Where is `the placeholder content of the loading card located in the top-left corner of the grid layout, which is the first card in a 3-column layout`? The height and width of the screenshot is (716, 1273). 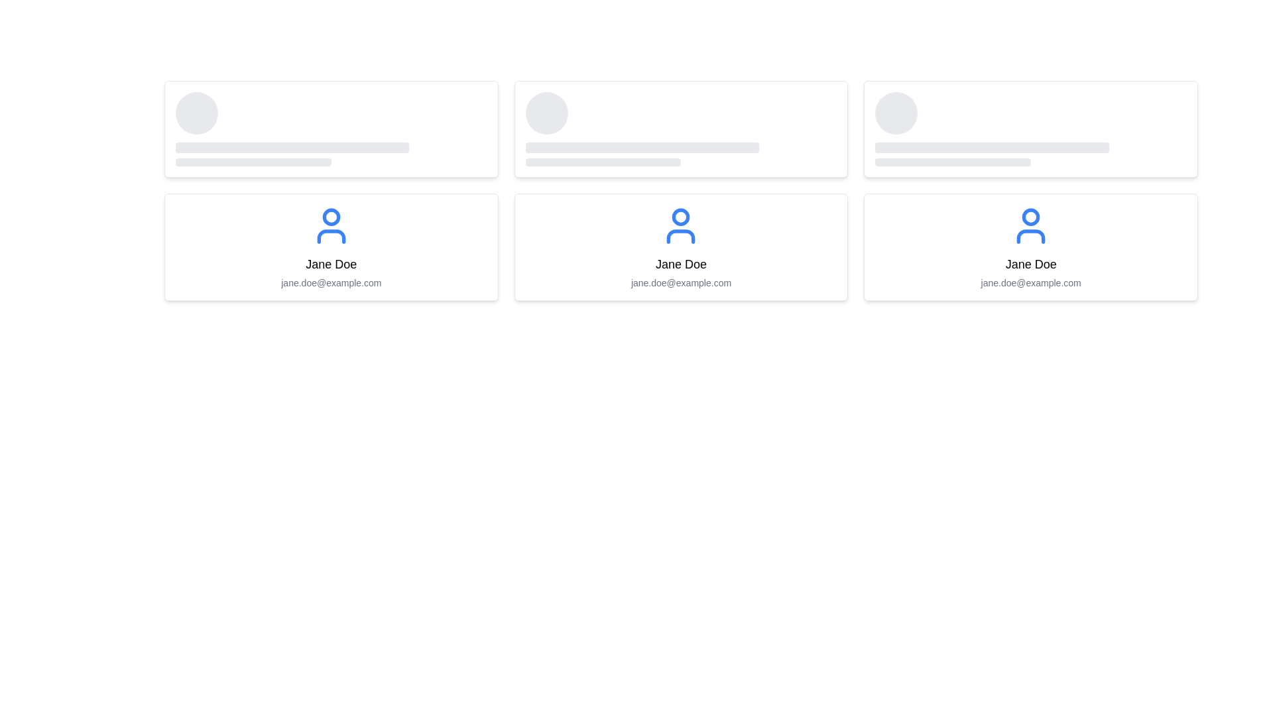 the placeholder content of the loading card located in the top-left corner of the grid layout, which is the first card in a 3-column layout is located at coordinates (331, 129).